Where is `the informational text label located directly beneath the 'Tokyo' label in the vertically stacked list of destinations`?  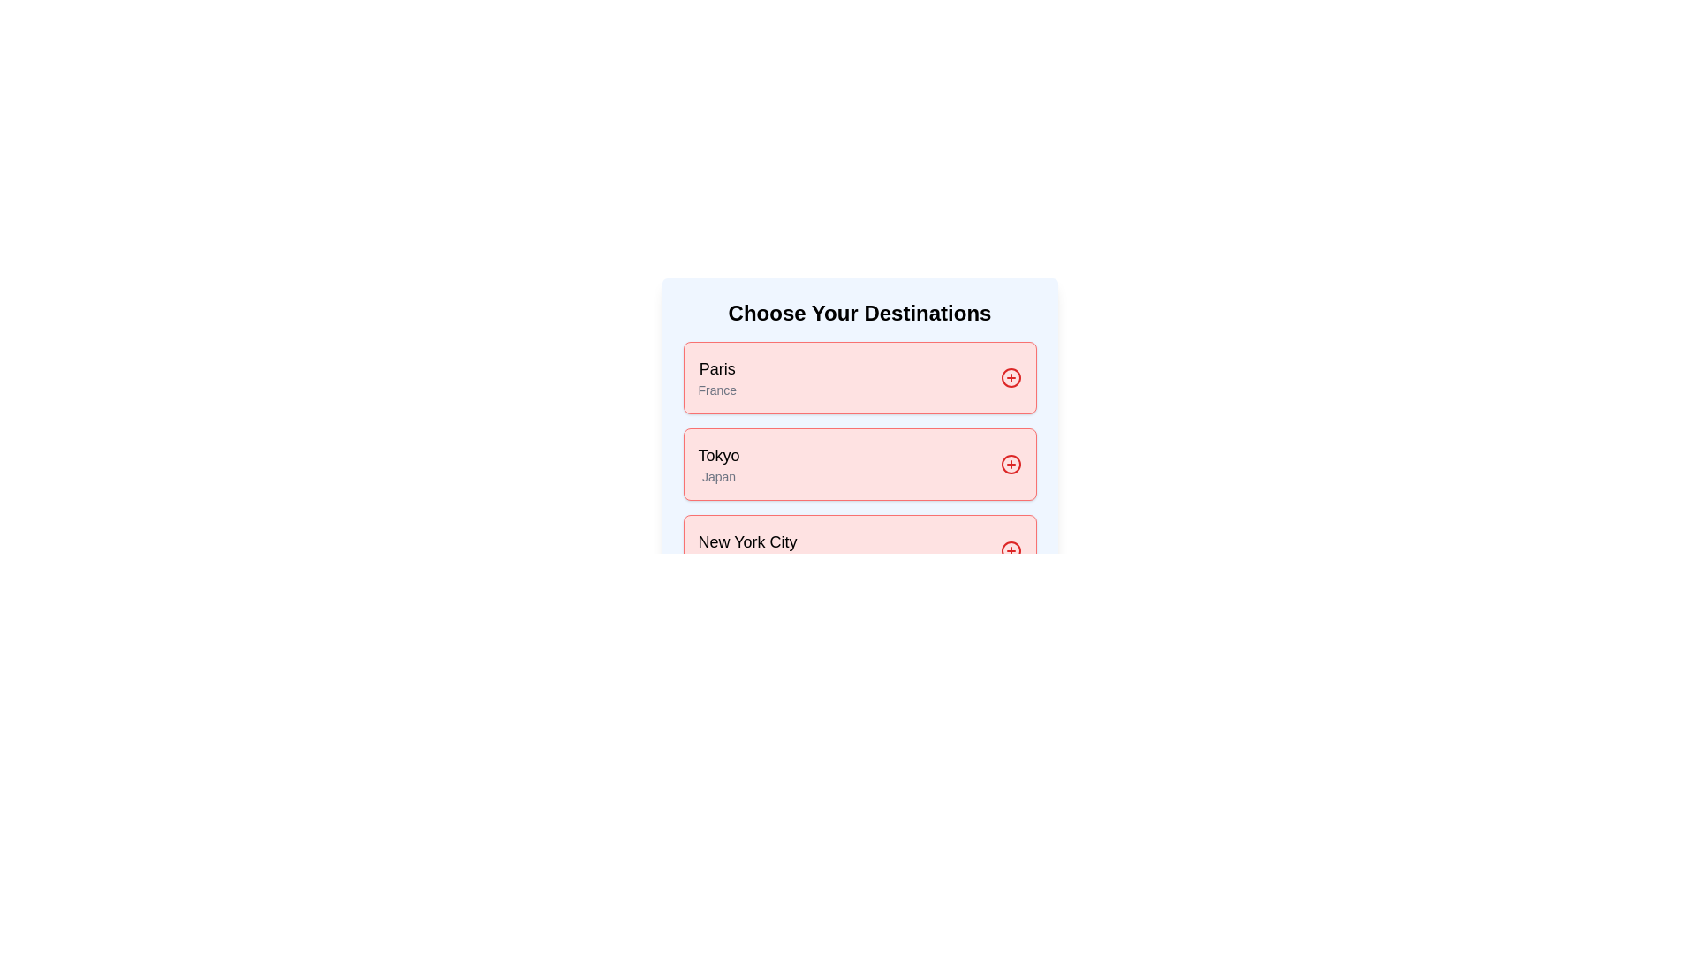 the informational text label located directly beneath the 'Tokyo' label in the vertically stacked list of destinations is located at coordinates (719, 477).